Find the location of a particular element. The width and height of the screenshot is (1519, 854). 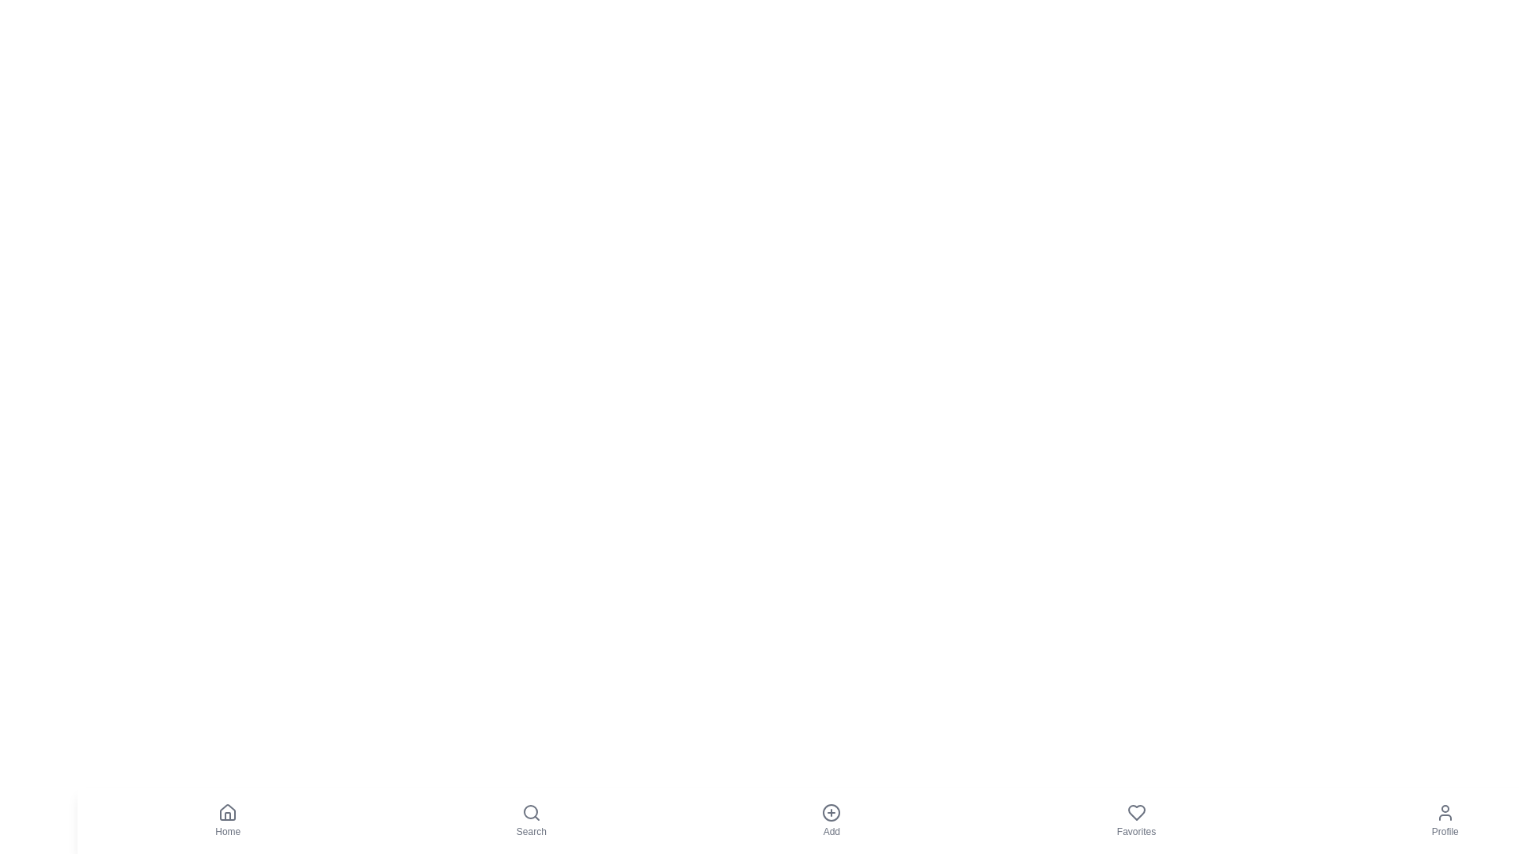

the graphical circle with a dark stroke and a plus sign at its center, which is part of the 'Add' icon located in the navigation bar at the bottom of the interface is located at coordinates (831, 813).